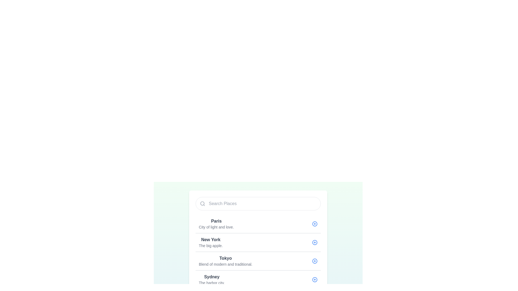 The image size is (518, 291). Describe the element at coordinates (315, 224) in the screenshot. I see `the circular shape within the SVG icon that is styled with a blue hue, located to the right of the list item text 'Paris'` at that location.